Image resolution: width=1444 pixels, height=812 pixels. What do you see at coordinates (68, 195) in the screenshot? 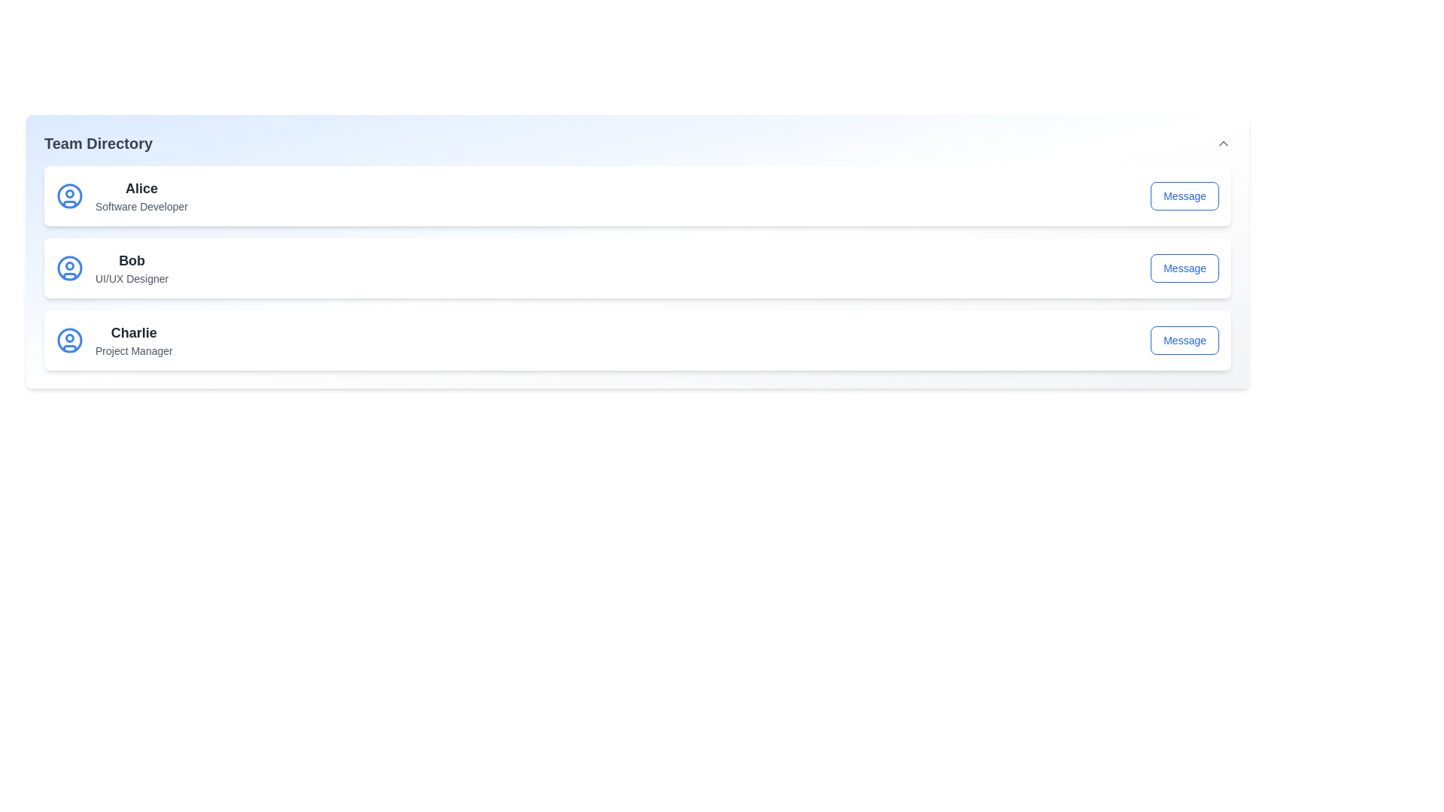
I see `the outermost SVG circle representing the avatar or user image placeholder for the user named 'Alice', positioned to the far left in the user entry row` at bounding box center [68, 195].